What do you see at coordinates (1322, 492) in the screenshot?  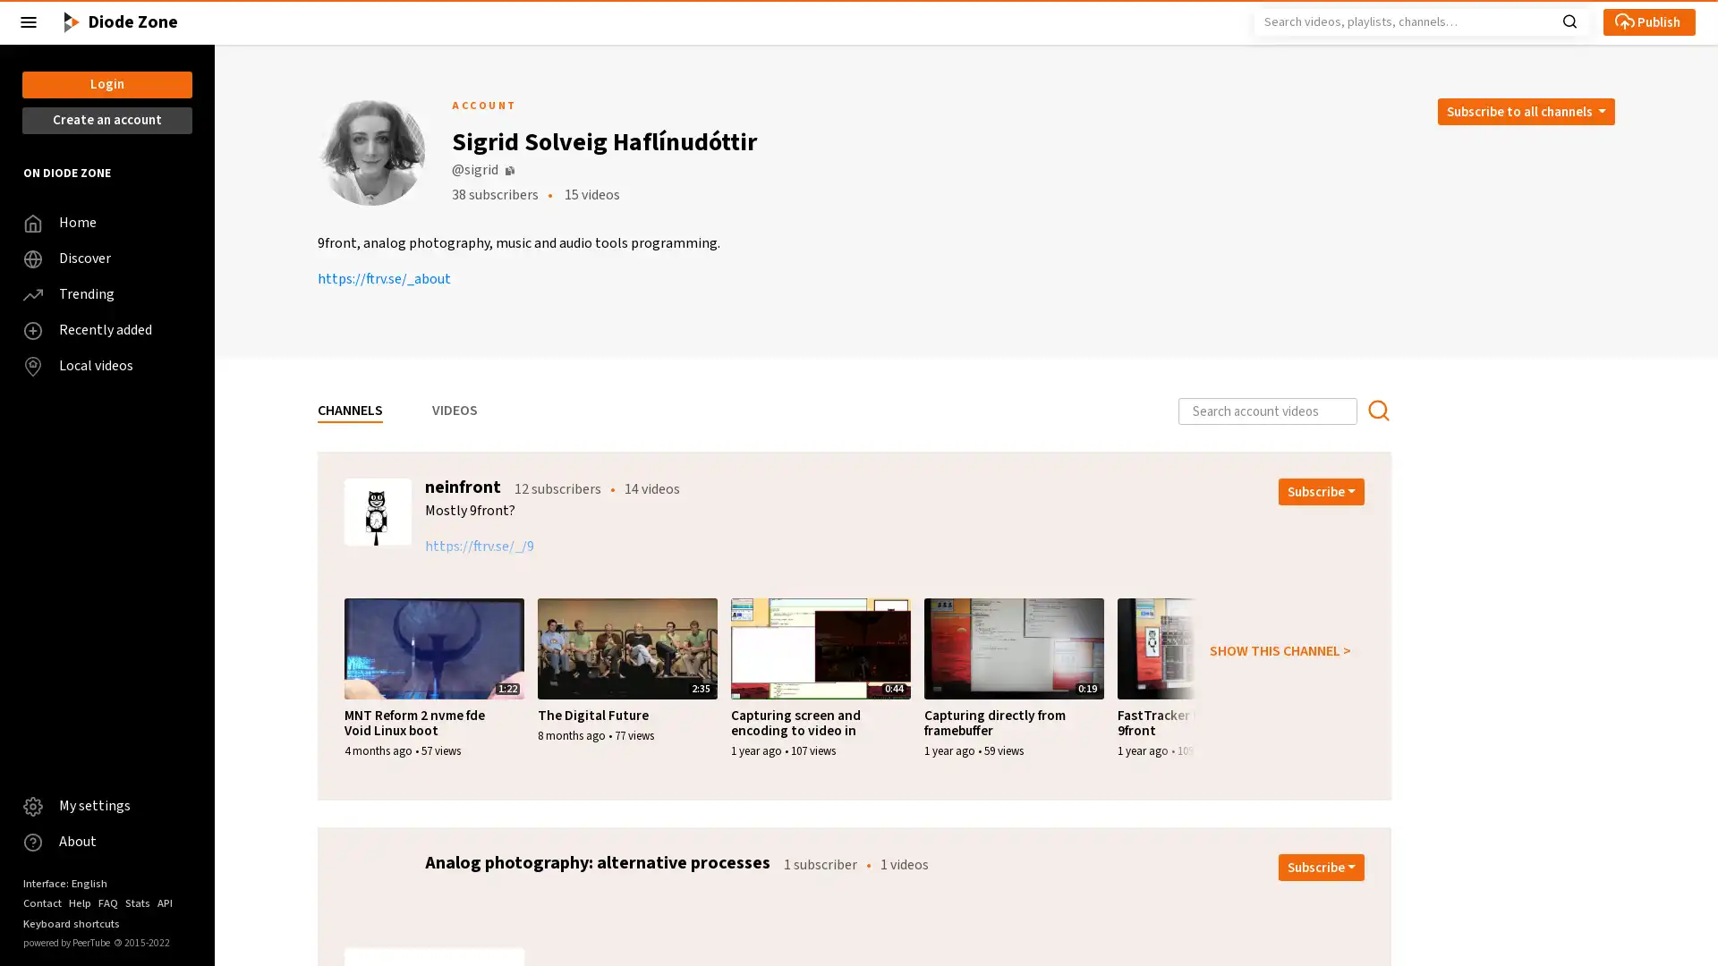 I see `Open subscription dropdown` at bounding box center [1322, 492].